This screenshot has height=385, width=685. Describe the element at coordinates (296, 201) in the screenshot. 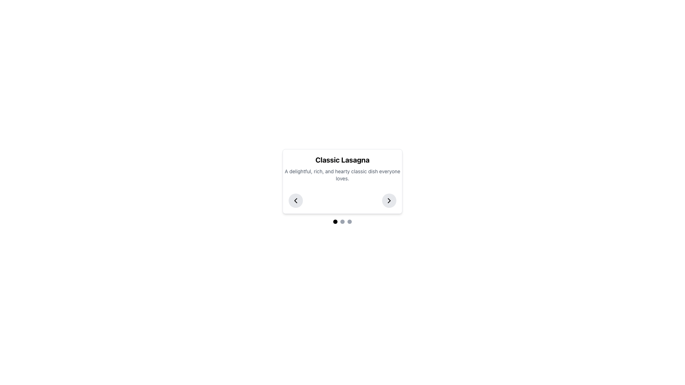

I see `the circular button with a light gray background and a dark left-pointing chevron icon` at that location.